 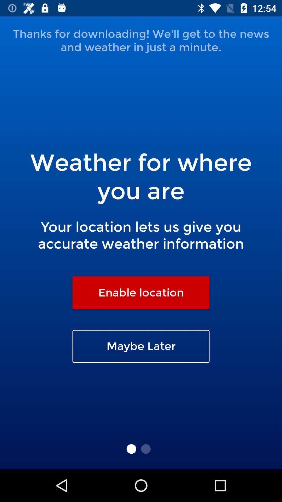 What do you see at coordinates (141, 346) in the screenshot?
I see `maybe later` at bounding box center [141, 346].